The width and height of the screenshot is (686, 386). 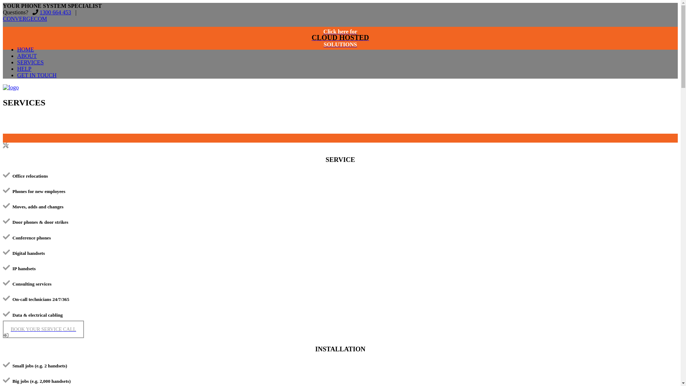 What do you see at coordinates (17, 75) in the screenshot?
I see `'GET IN TOUCH'` at bounding box center [17, 75].